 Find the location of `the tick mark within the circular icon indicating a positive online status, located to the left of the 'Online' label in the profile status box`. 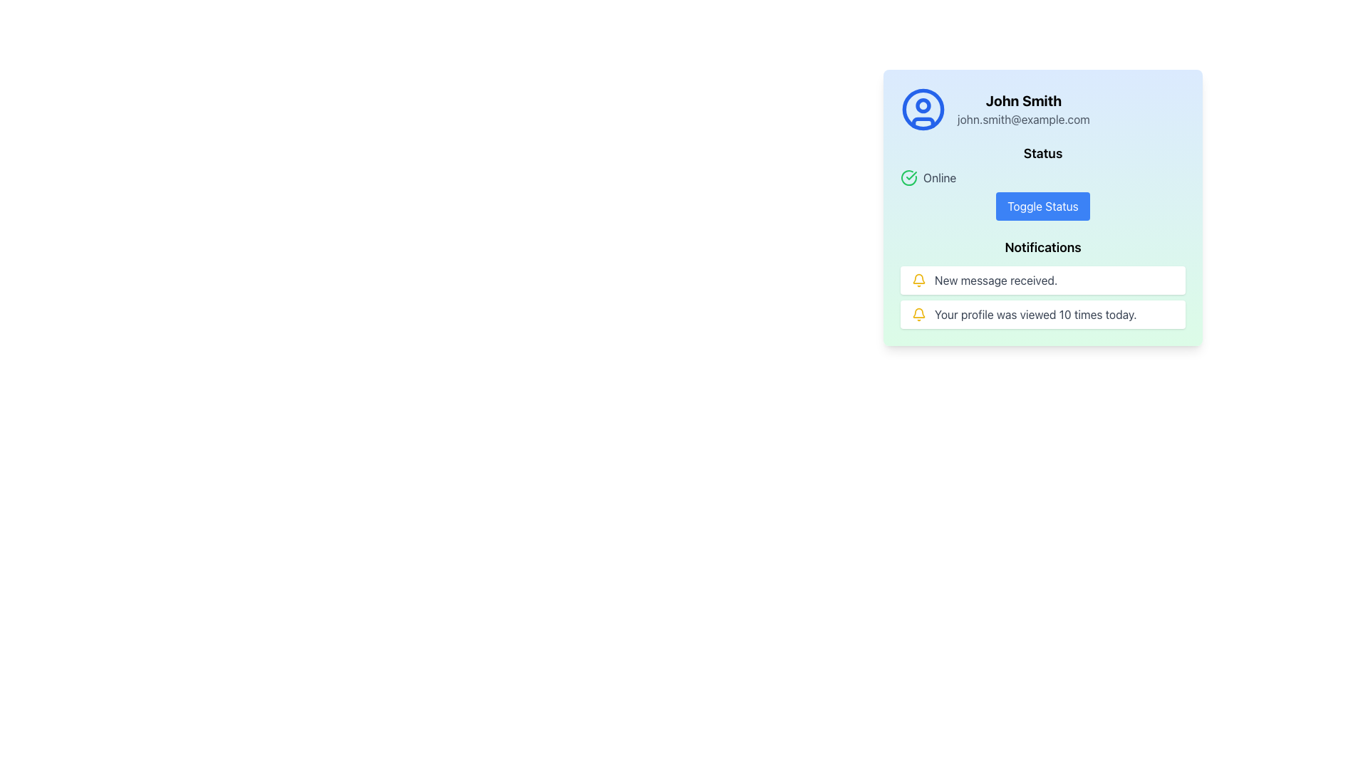

the tick mark within the circular icon indicating a positive online status, located to the left of the 'Online' label in the profile status box is located at coordinates (911, 174).